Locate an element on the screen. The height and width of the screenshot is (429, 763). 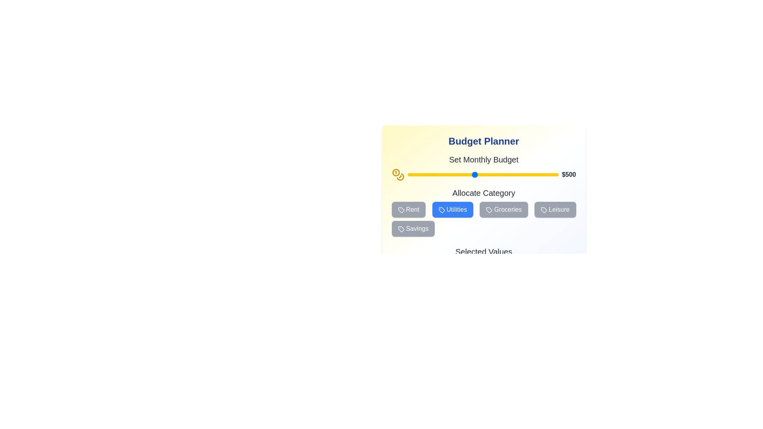
the slider is located at coordinates (433, 174).